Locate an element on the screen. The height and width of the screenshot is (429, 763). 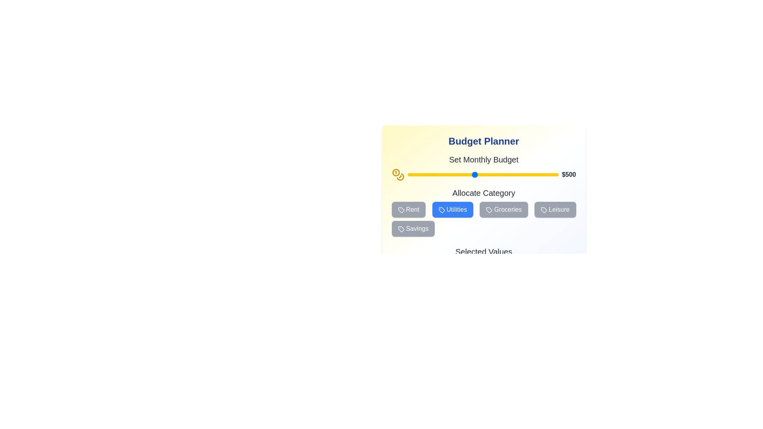
the slider is located at coordinates (433, 174).